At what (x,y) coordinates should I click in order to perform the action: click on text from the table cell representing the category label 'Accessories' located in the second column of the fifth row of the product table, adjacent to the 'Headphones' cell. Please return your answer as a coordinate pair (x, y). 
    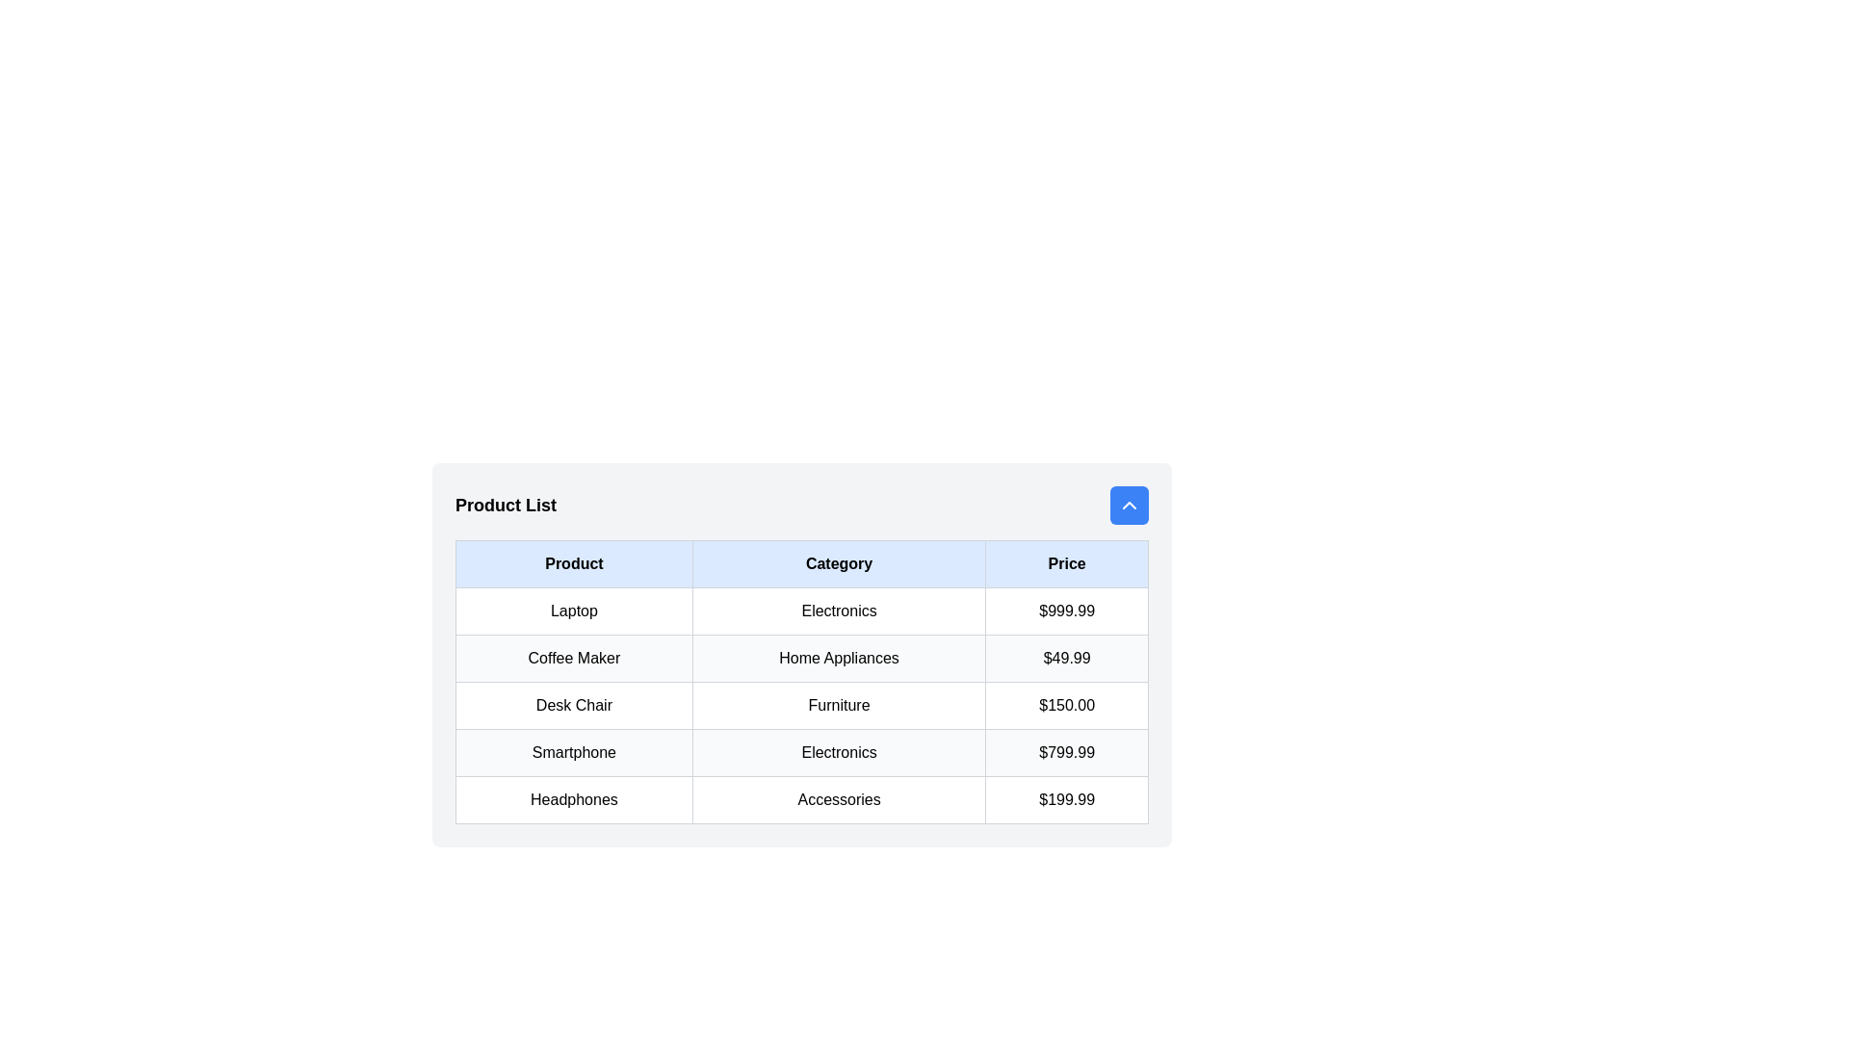
    Looking at the image, I should click on (839, 799).